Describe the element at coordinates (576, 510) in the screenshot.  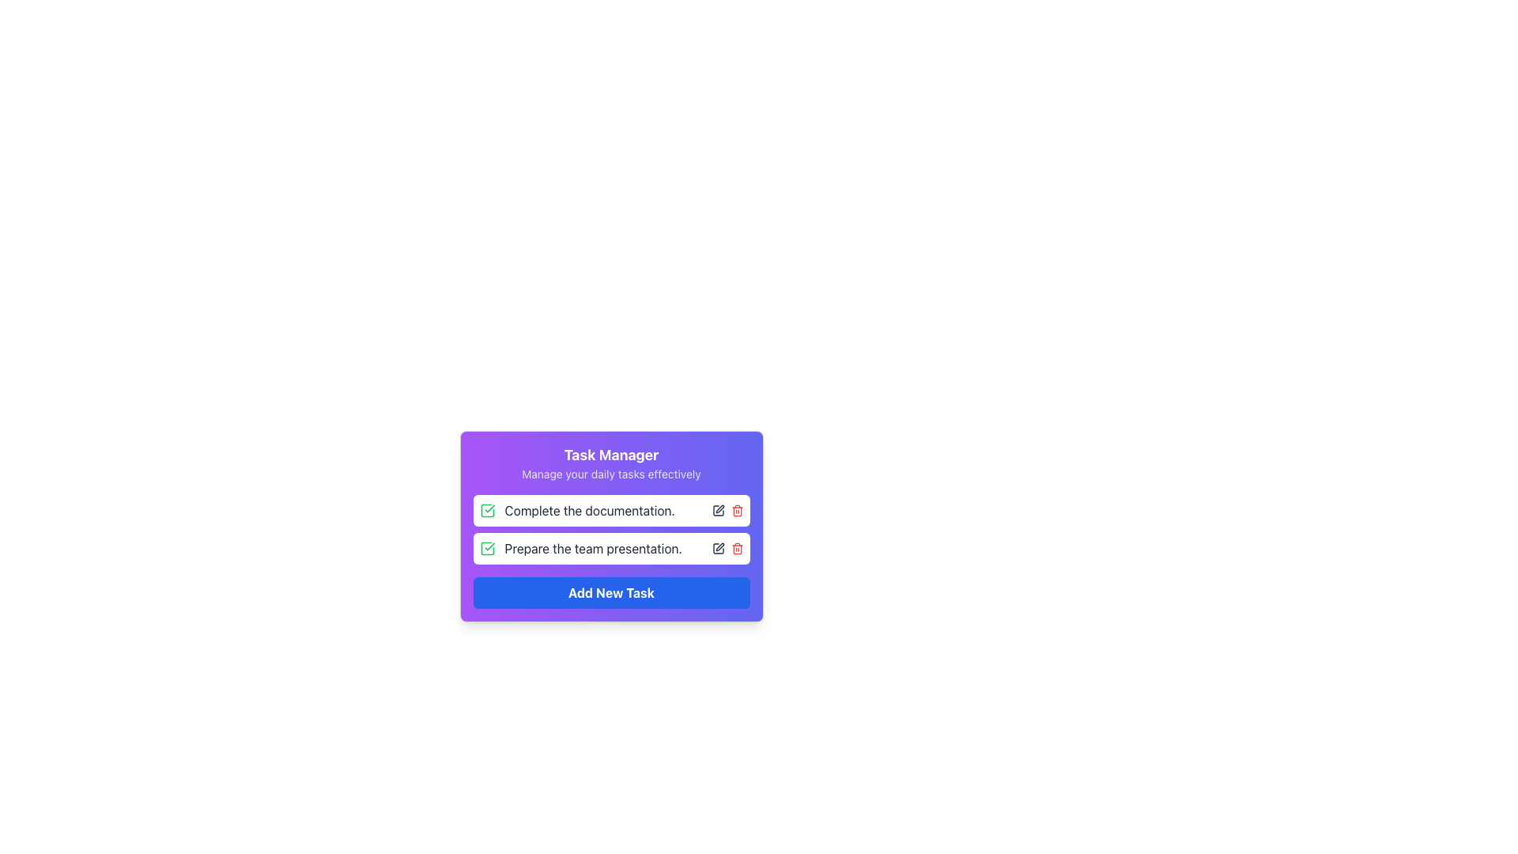
I see `the completed task item component labeled 'Complete the documentation' in the 'Task Manager' interface` at that location.